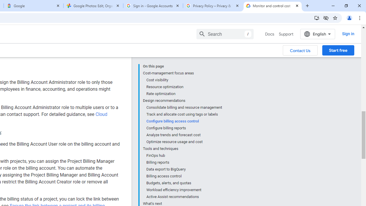  Describe the element at coordinates (317, 34) in the screenshot. I see `'English'` at that location.